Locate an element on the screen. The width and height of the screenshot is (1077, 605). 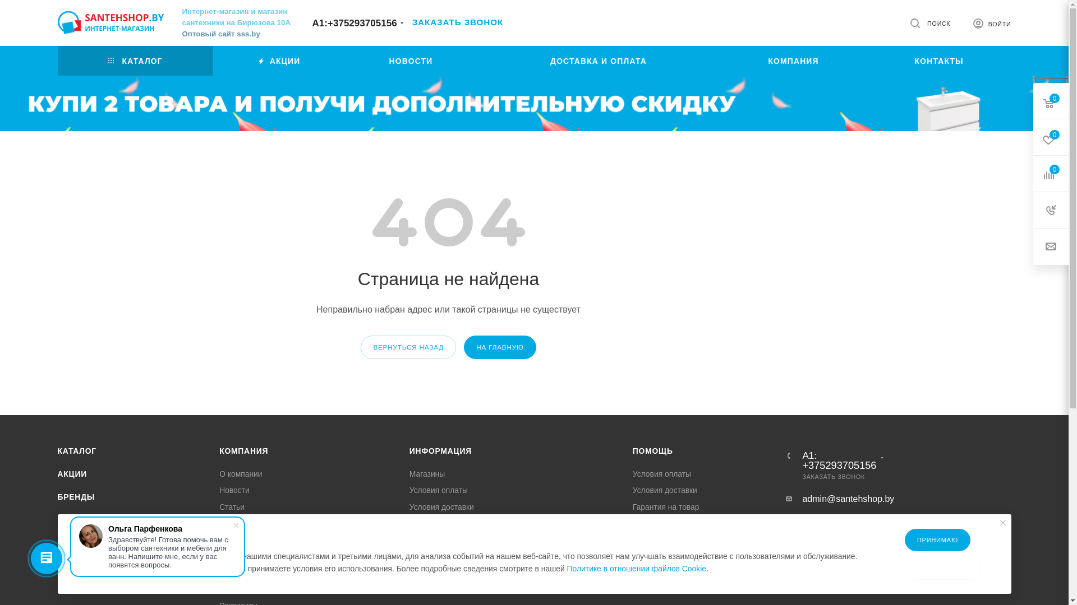
'admin@santehshop.by' is located at coordinates (848, 498).